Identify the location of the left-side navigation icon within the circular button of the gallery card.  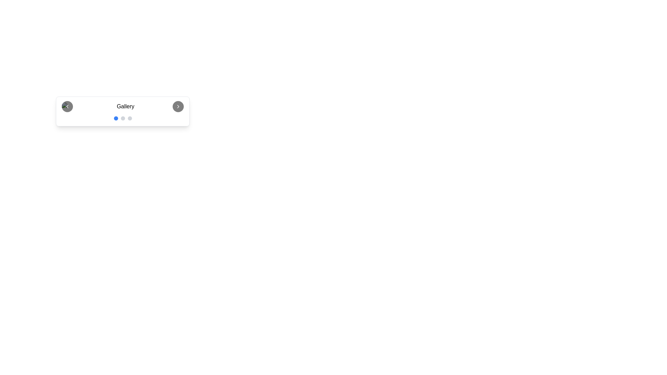
(67, 107).